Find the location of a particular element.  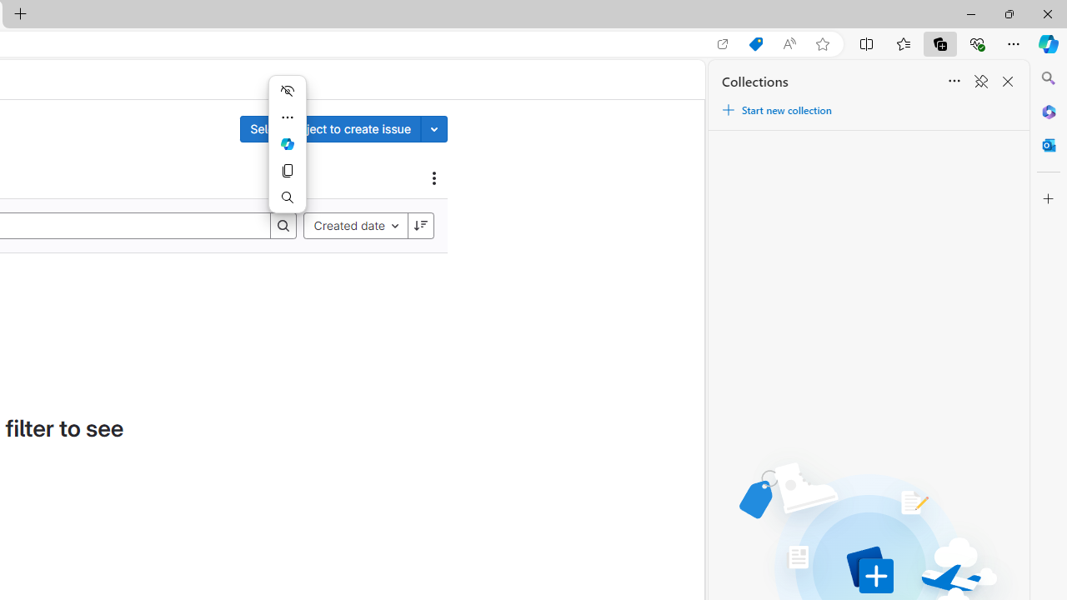

'Open in app' is located at coordinates (723, 43).